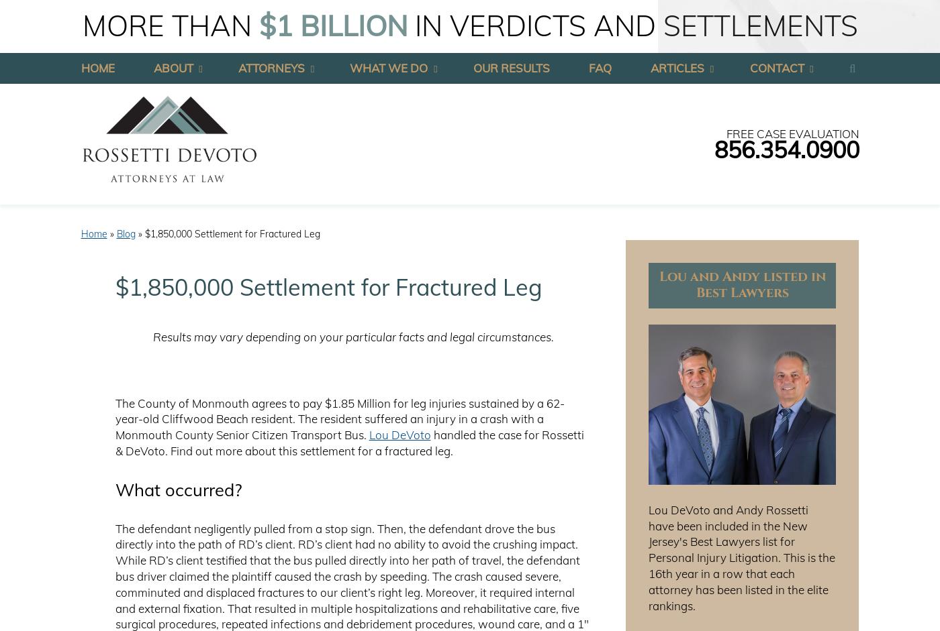 The height and width of the screenshot is (631, 940). What do you see at coordinates (600, 67) in the screenshot?
I see `'FAQ'` at bounding box center [600, 67].